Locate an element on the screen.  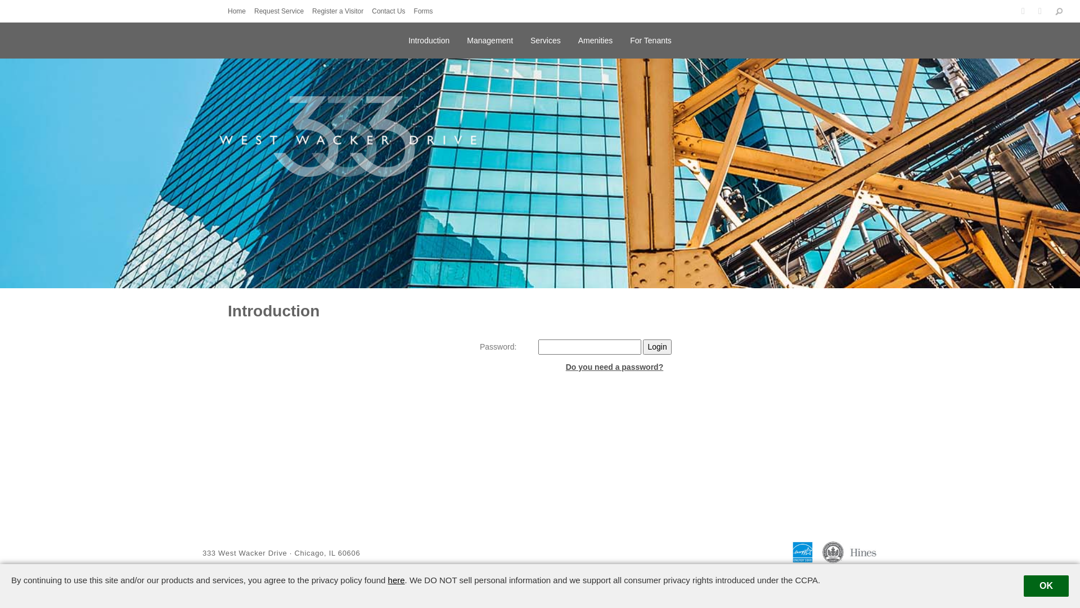
'Management' is located at coordinates (489, 38).